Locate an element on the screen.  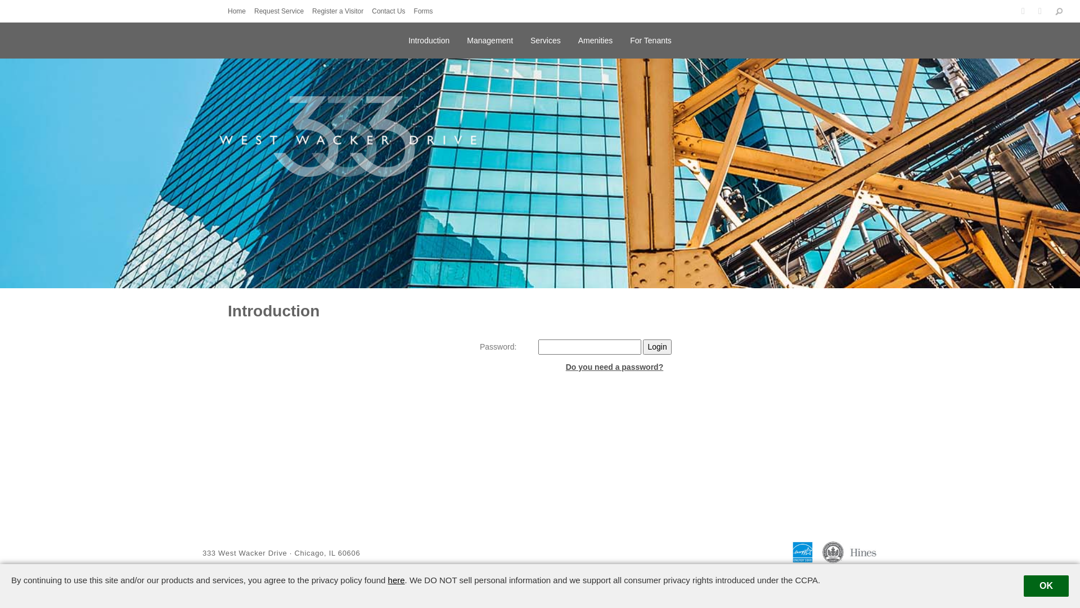
'Management' is located at coordinates (489, 38).